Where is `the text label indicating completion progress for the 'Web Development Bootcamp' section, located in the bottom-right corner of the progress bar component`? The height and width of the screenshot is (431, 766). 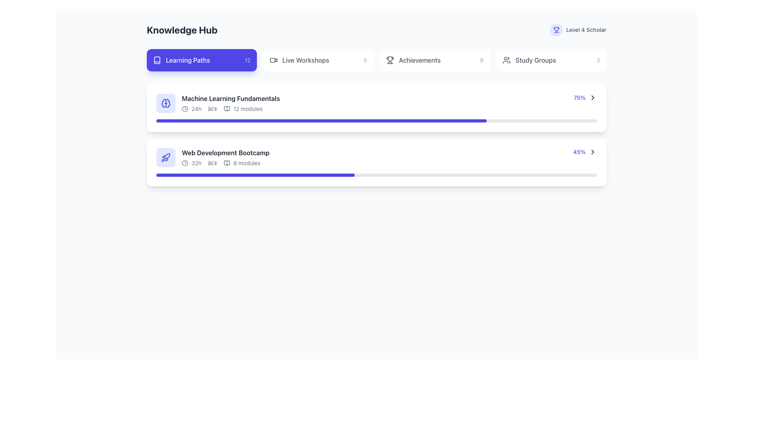 the text label indicating completion progress for the 'Web Development Bootcamp' section, located in the bottom-right corner of the progress bar component is located at coordinates (579, 152).